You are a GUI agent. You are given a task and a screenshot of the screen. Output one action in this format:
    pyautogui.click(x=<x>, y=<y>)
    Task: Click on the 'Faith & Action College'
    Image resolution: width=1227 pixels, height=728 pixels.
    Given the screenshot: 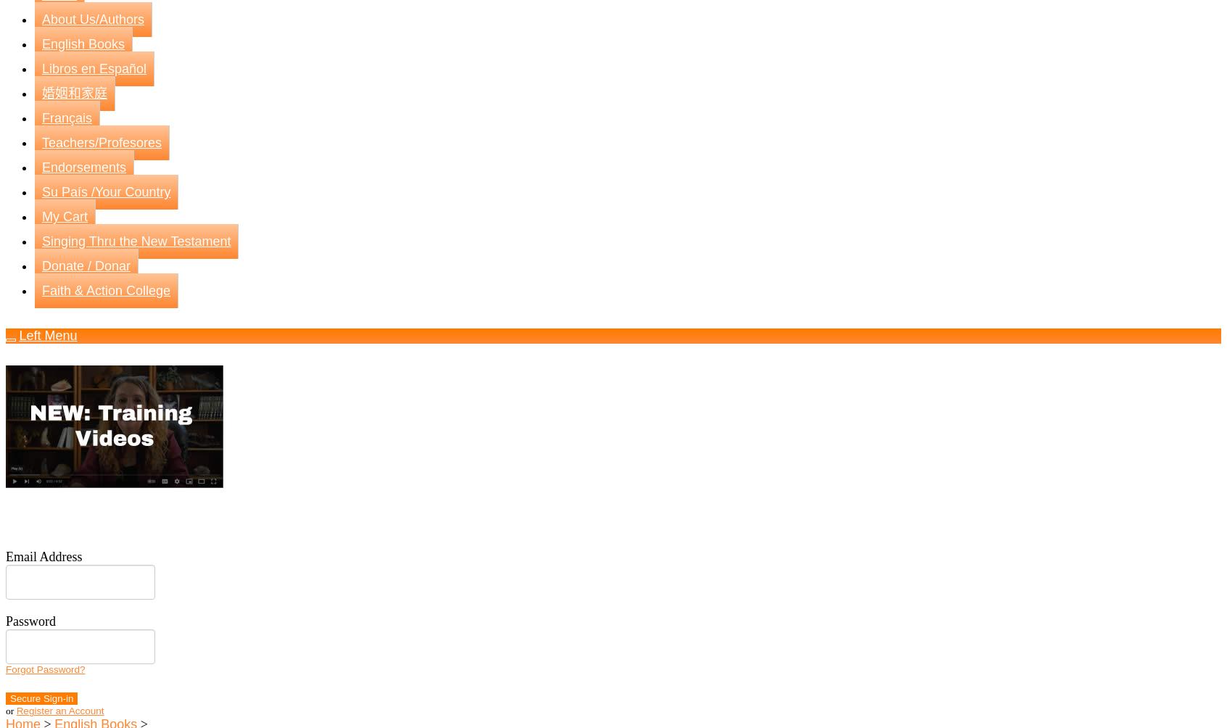 What is the action you would take?
    pyautogui.click(x=105, y=289)
    